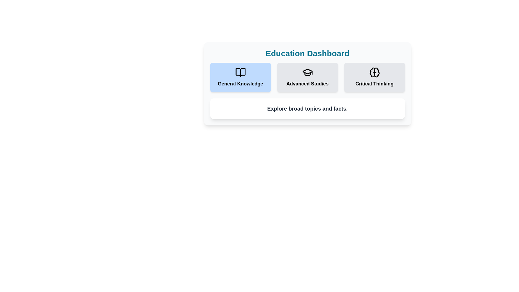  What do you see at coordinates (307, 77) in the screenshot?
I see `the category Advanced Studies by clicking its corresponding button` at bounding box center [307, 77].